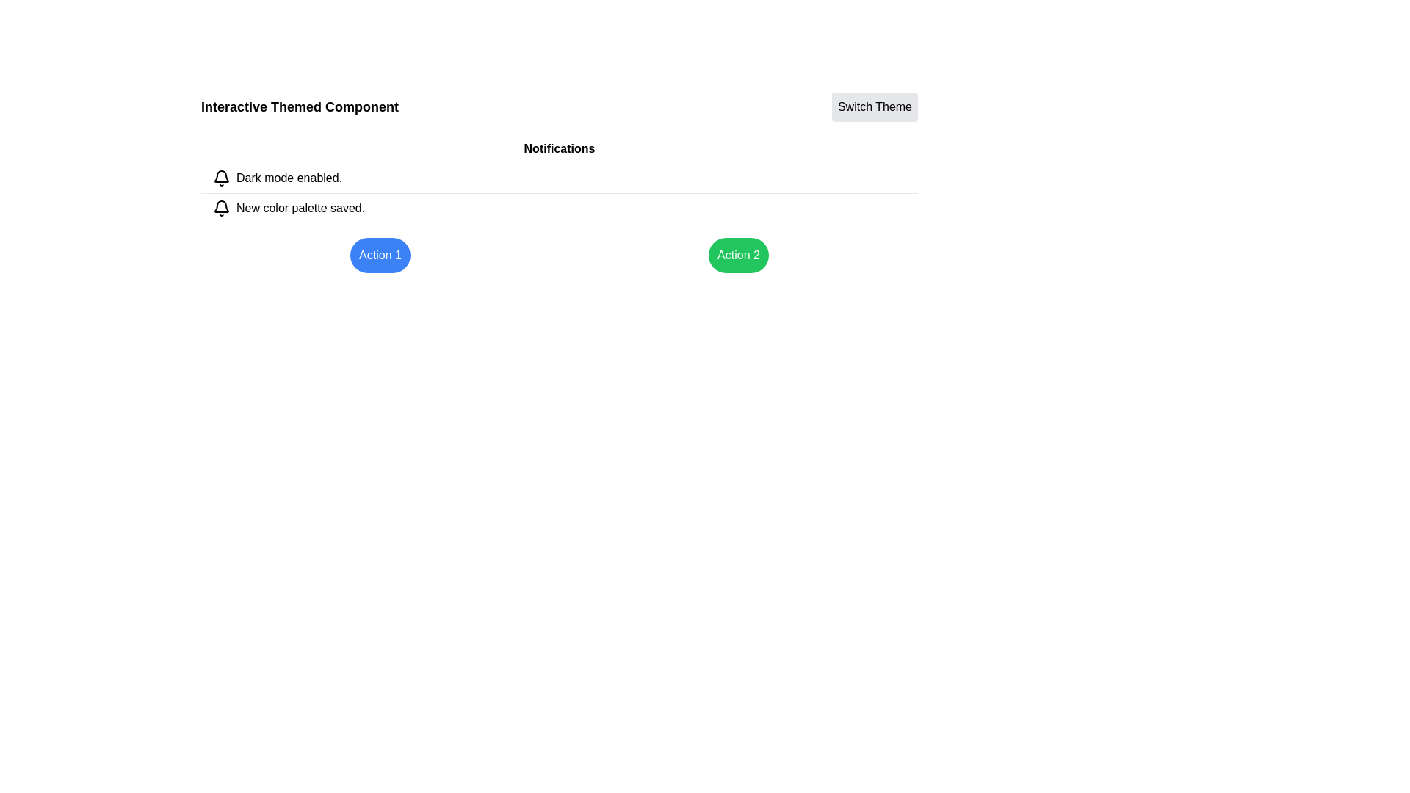 This screenshot has width=1410, height=793. I want to click on the static text label displaying 'Interactive Themed Component' which is styled in bold black typography against a white background, located near the upper-left region of the interface, so click(299, 106).